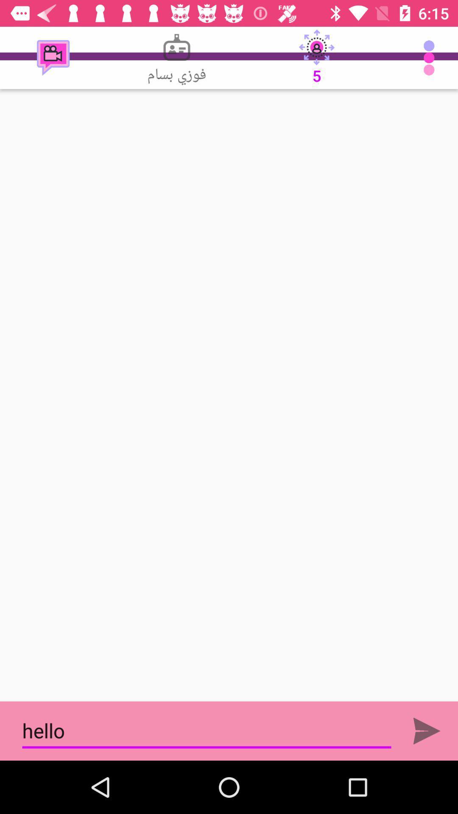 This screenshot has width=458, height=814. I want to click on the send icon, so click(427, 730).